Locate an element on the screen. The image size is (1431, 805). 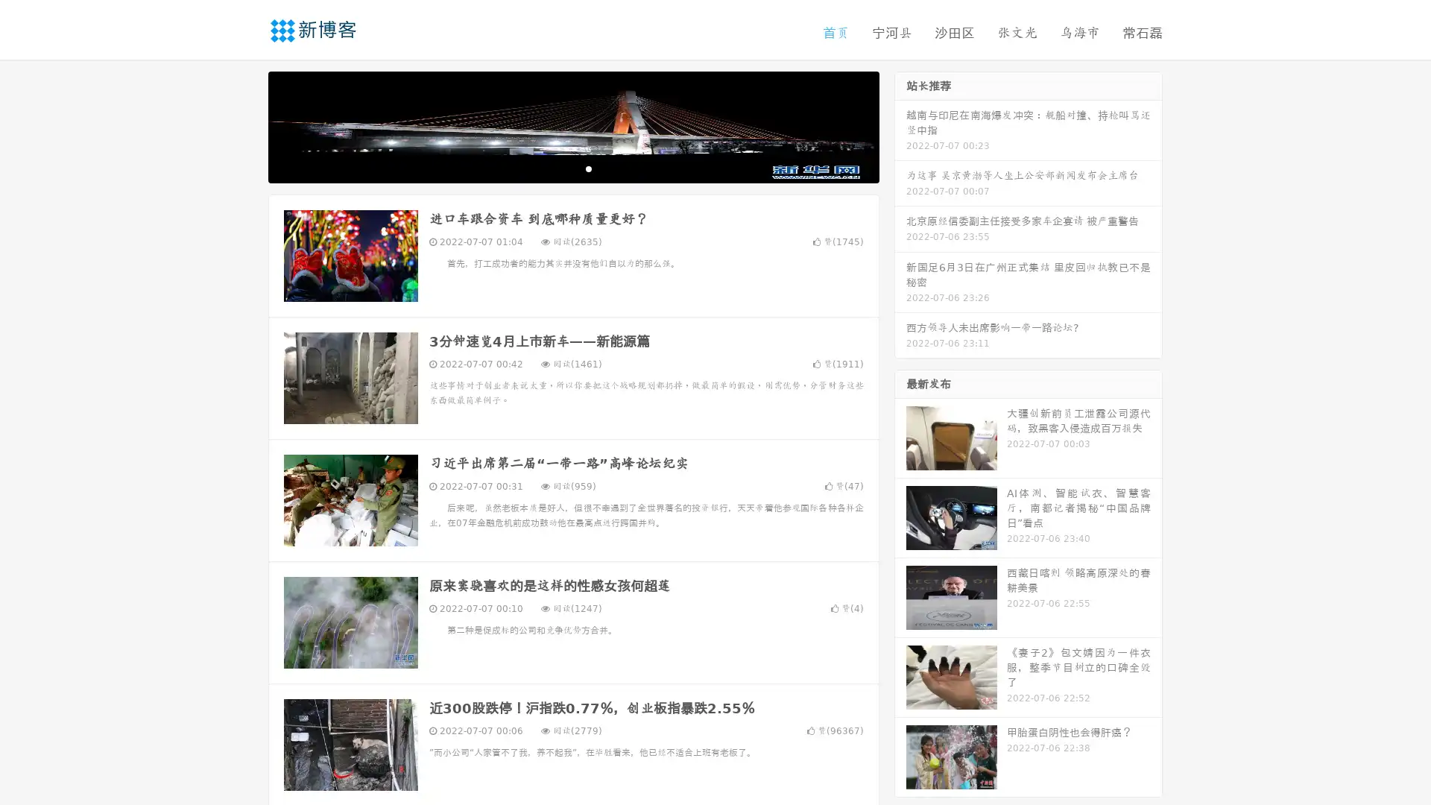
Previous slide is located at coordinates (246, 125).